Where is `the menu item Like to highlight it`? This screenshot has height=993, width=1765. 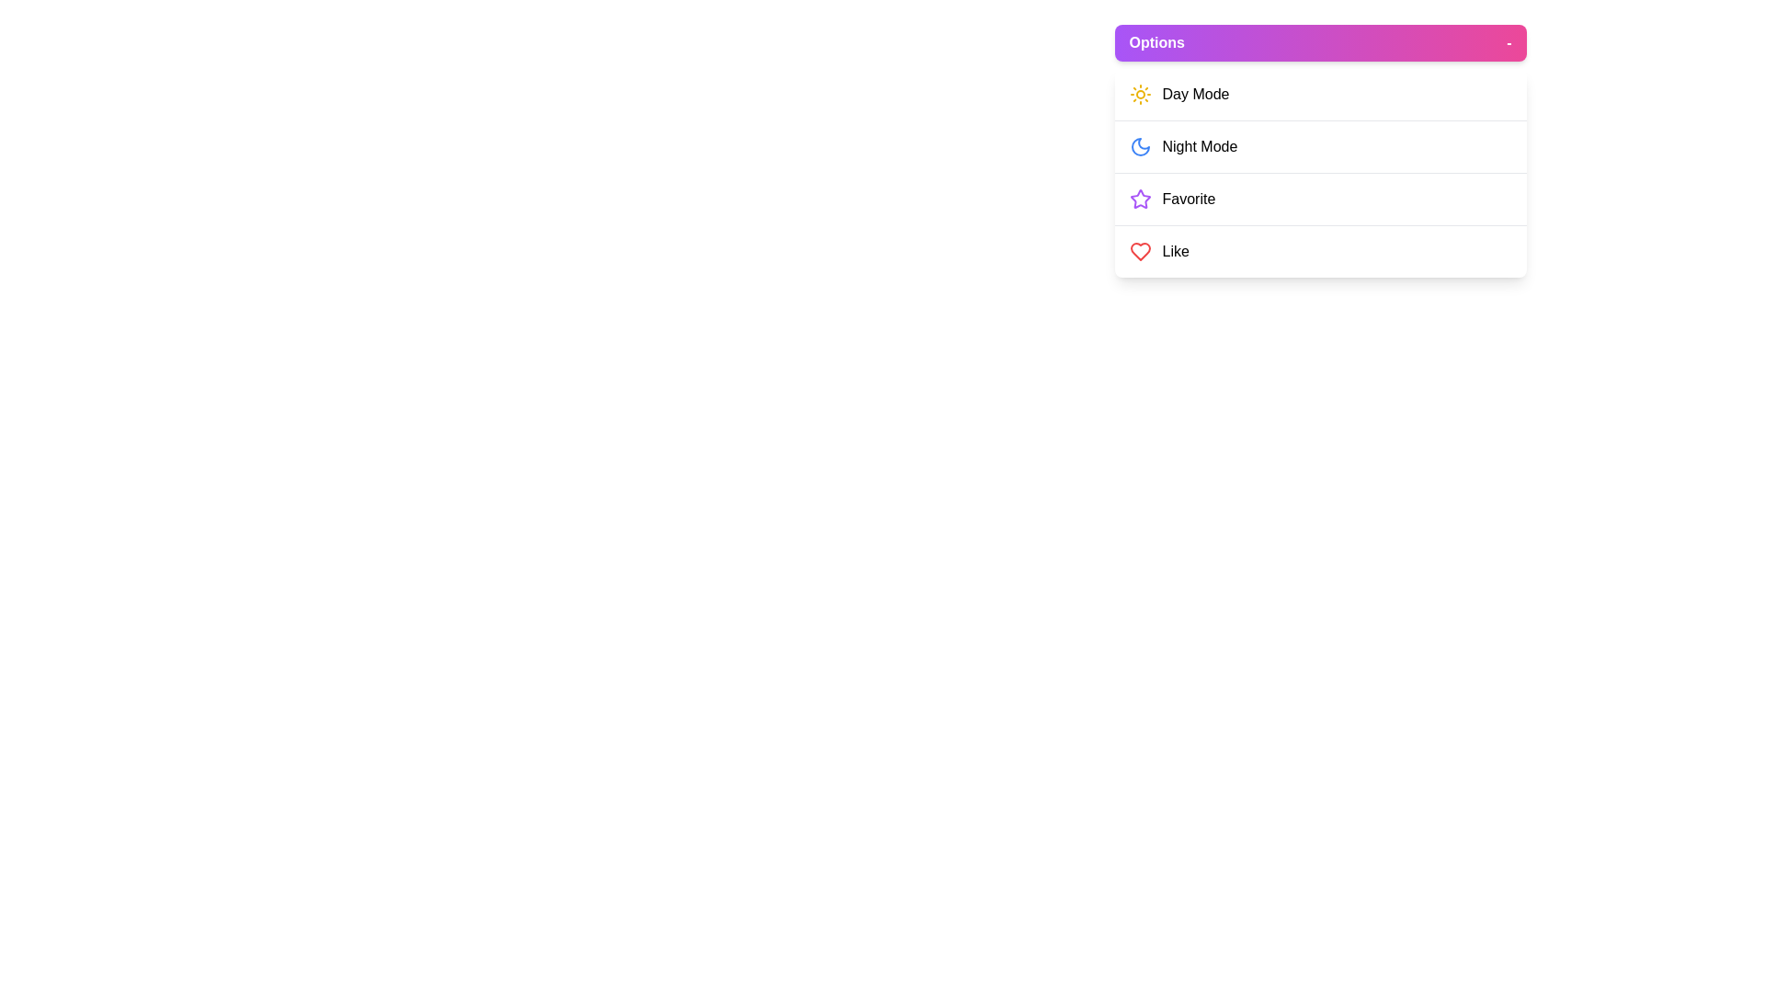
the menu item Like to highlight it is located at coordinates (1319, 251).